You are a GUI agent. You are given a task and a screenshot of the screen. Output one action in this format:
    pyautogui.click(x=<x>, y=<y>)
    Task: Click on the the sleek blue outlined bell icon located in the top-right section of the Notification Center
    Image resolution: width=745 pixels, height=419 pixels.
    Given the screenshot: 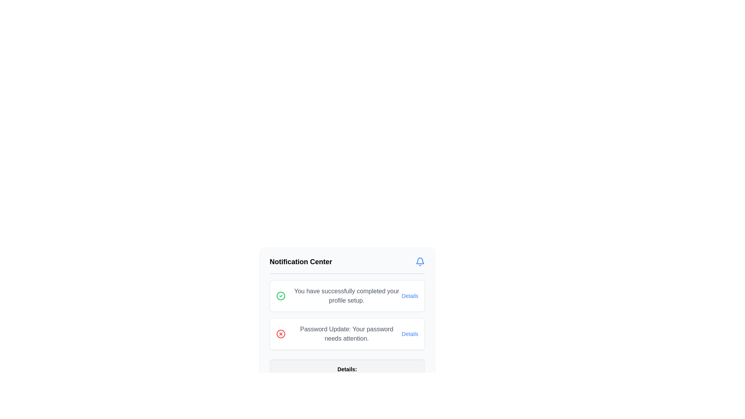 What is the action you would take?
    pyautogui.click(x=420, y=262)
    